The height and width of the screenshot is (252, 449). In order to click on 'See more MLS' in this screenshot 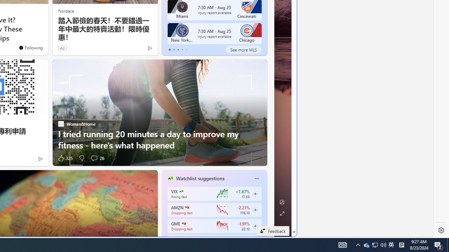, I will do `click(243, 49)`.